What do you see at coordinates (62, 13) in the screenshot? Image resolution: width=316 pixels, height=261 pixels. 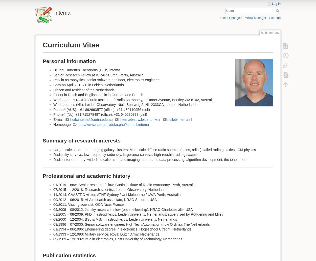 I see `'Intema'` at bounding box center [62, 13].